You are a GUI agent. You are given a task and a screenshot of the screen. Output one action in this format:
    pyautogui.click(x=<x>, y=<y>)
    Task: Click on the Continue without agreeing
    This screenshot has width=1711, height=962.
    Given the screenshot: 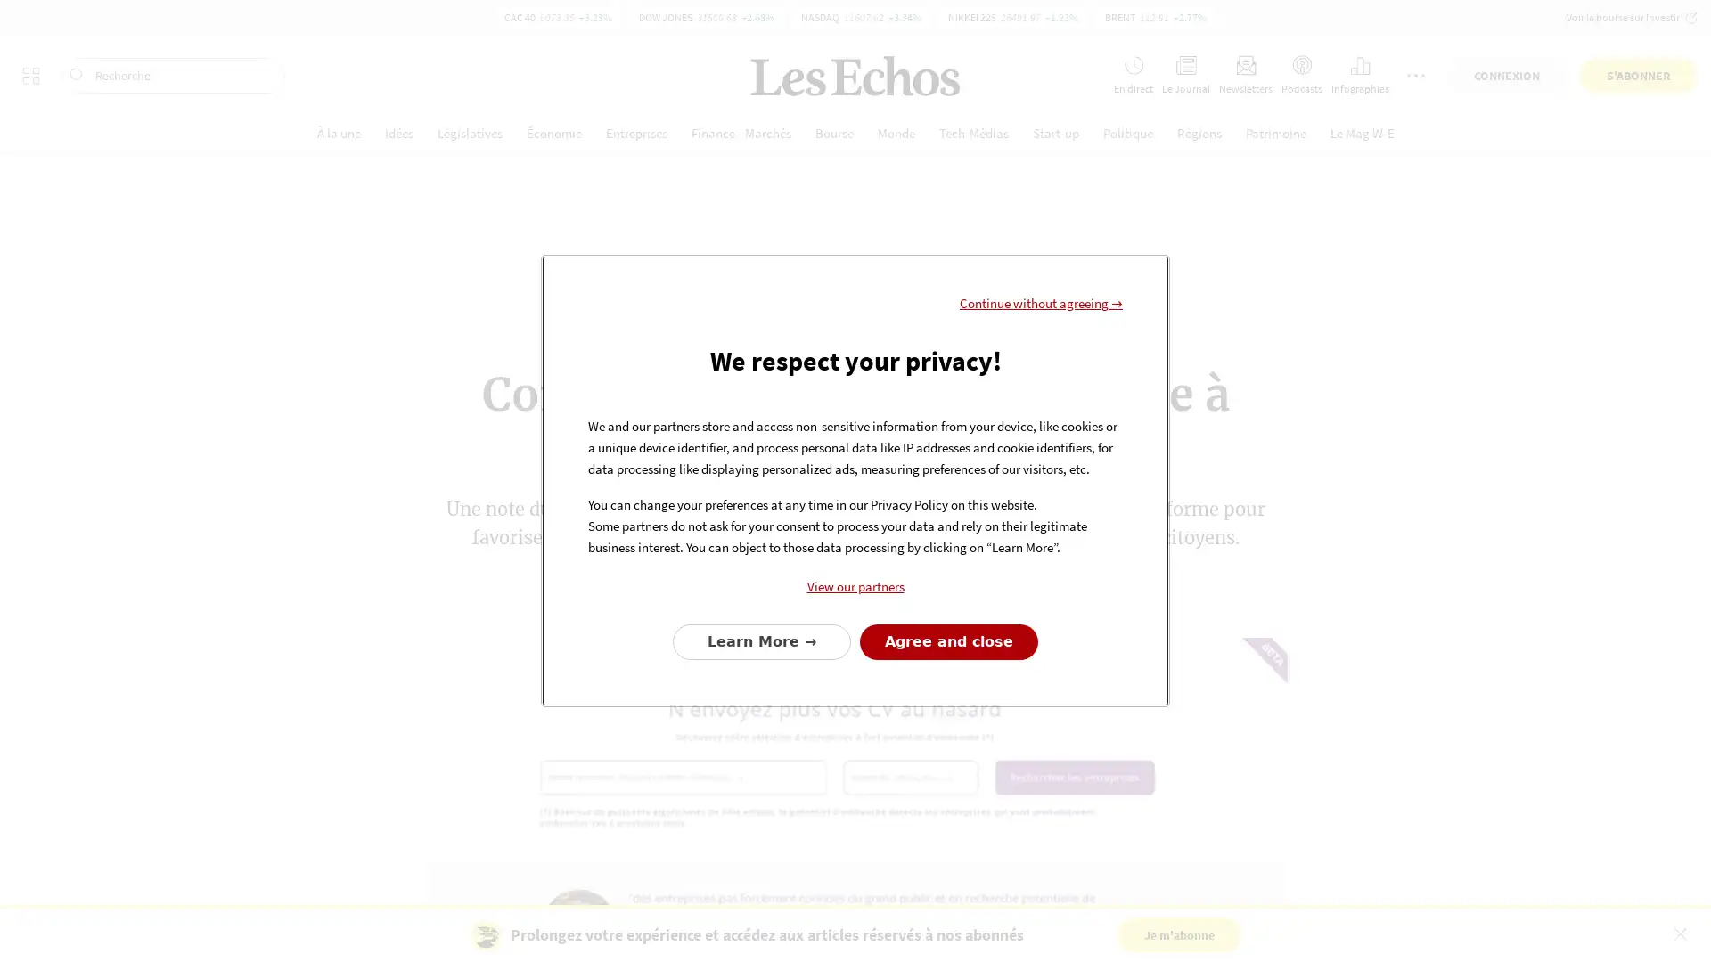 What is the action you would take?
    pyautogui.click(x=1041, y=301)
    